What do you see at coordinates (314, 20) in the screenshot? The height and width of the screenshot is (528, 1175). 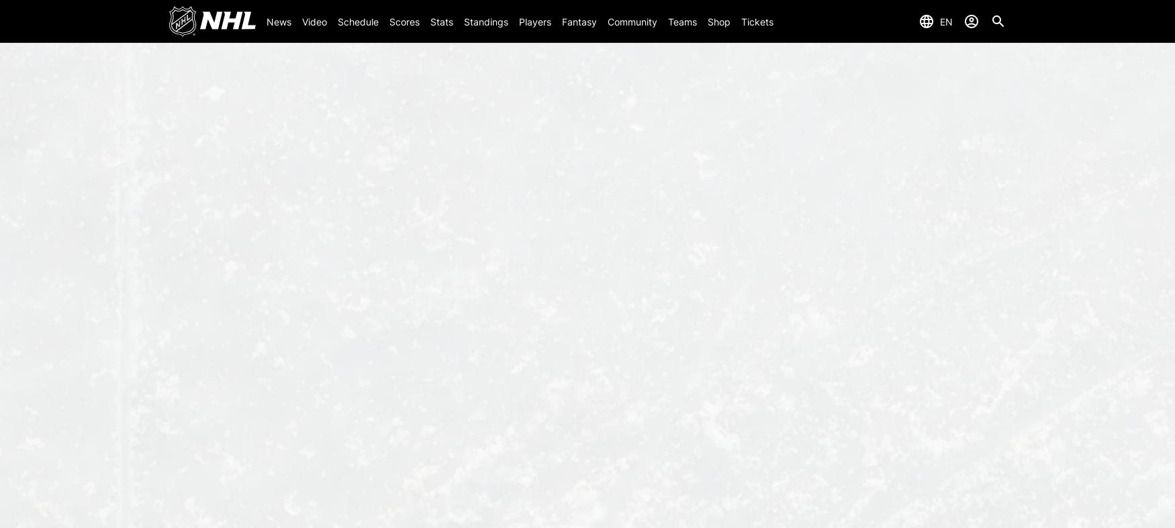 I see `'Video'` at bounding box center [314, 20].